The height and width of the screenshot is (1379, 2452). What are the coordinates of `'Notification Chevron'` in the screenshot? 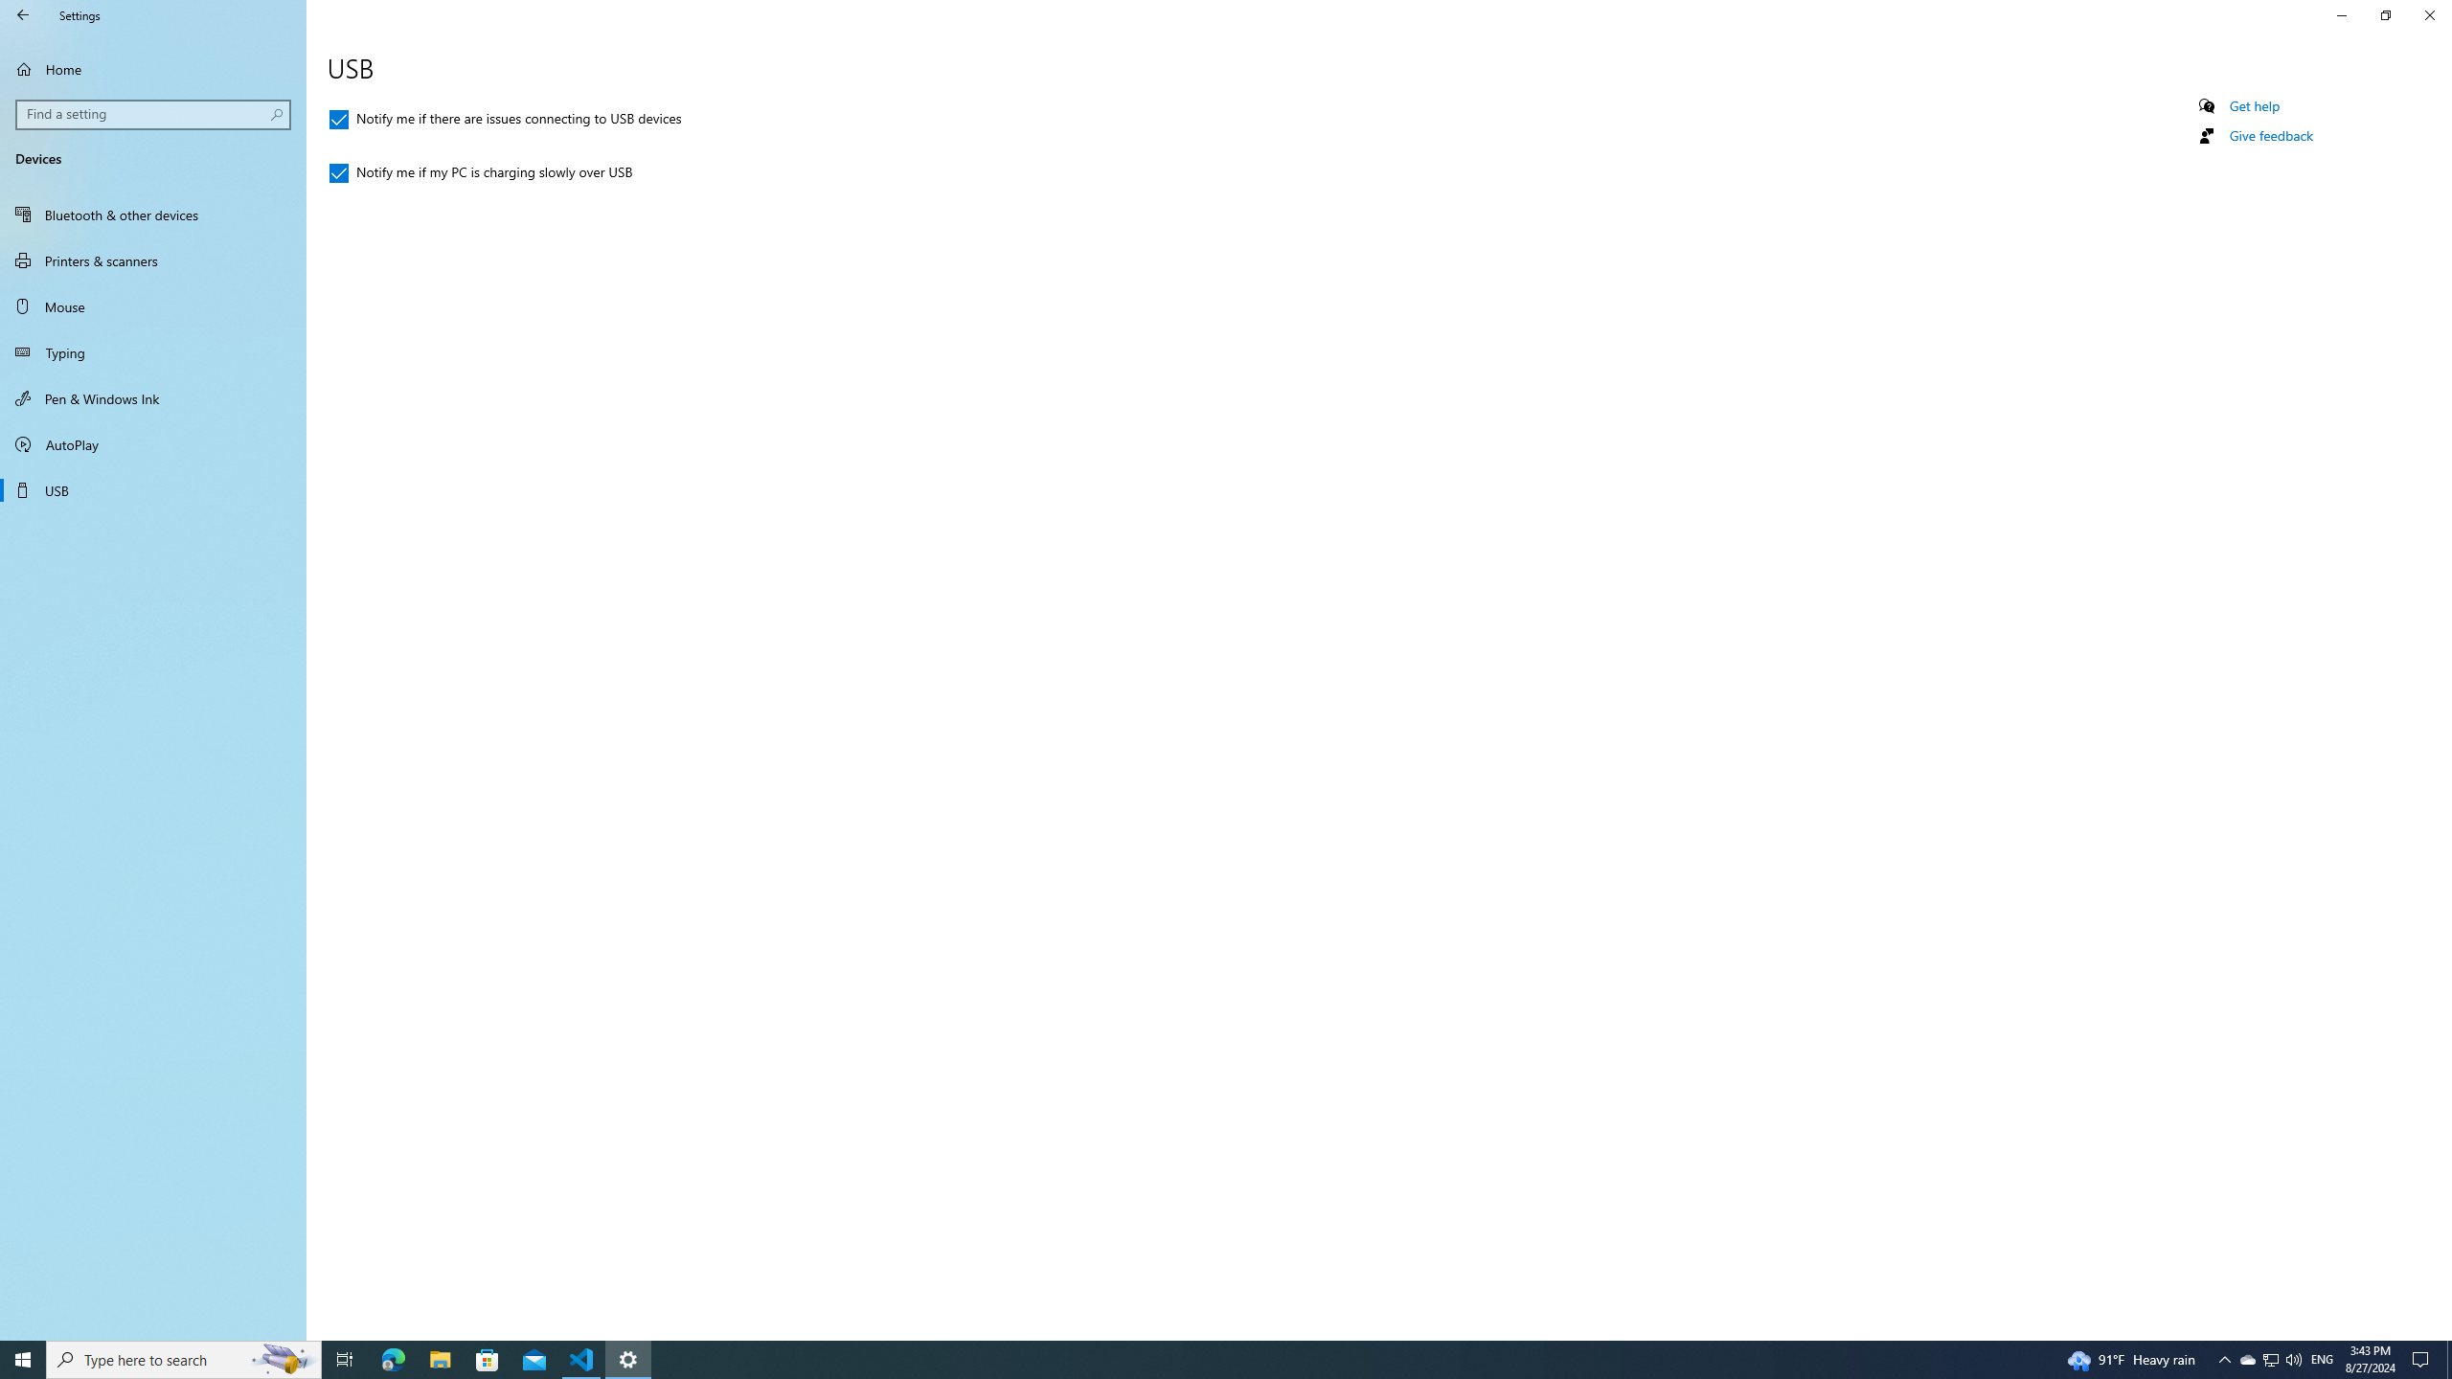 It's located at (2225, 1358).